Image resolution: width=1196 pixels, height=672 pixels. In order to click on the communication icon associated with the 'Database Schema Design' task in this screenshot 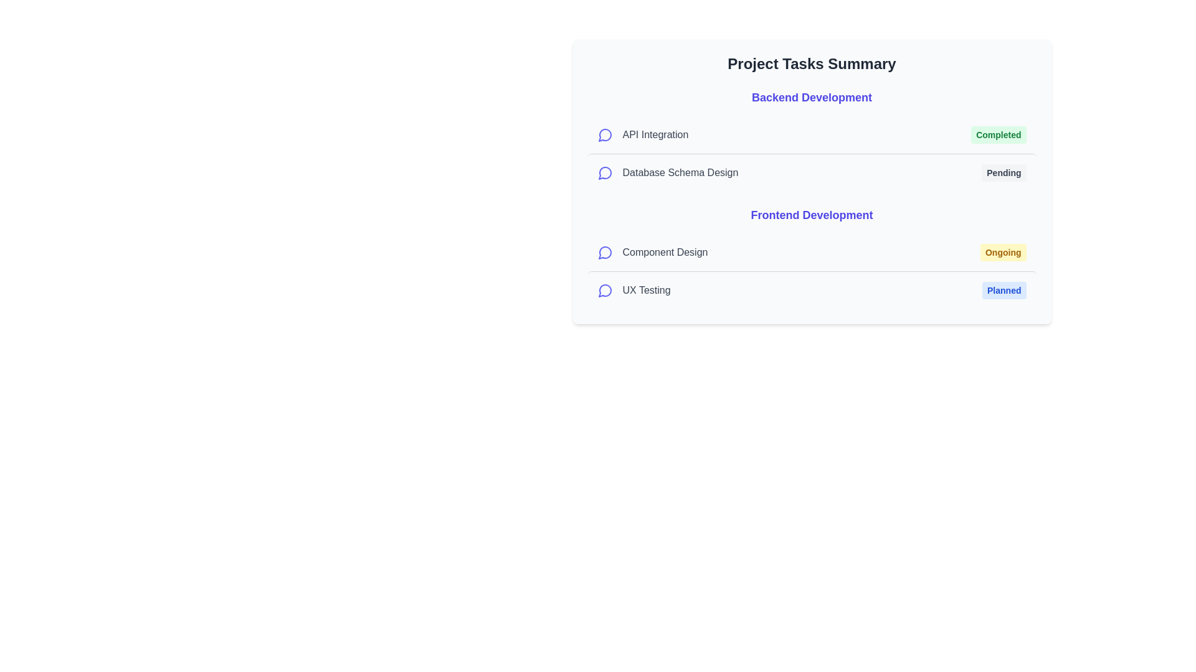, I will do `click(605, 172)`.